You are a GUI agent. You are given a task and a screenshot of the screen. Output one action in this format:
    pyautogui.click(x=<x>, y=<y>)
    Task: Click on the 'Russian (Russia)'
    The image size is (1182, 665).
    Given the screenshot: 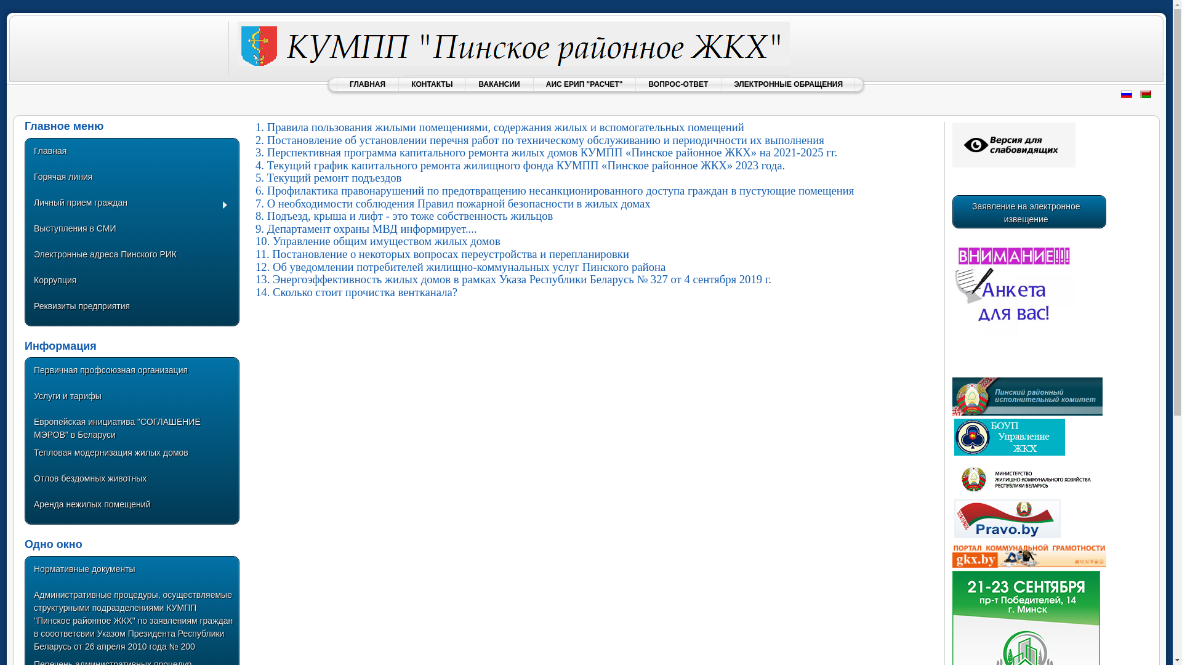 What is the action you would take?
    pyautogui.click(x=1126, y=94)
    